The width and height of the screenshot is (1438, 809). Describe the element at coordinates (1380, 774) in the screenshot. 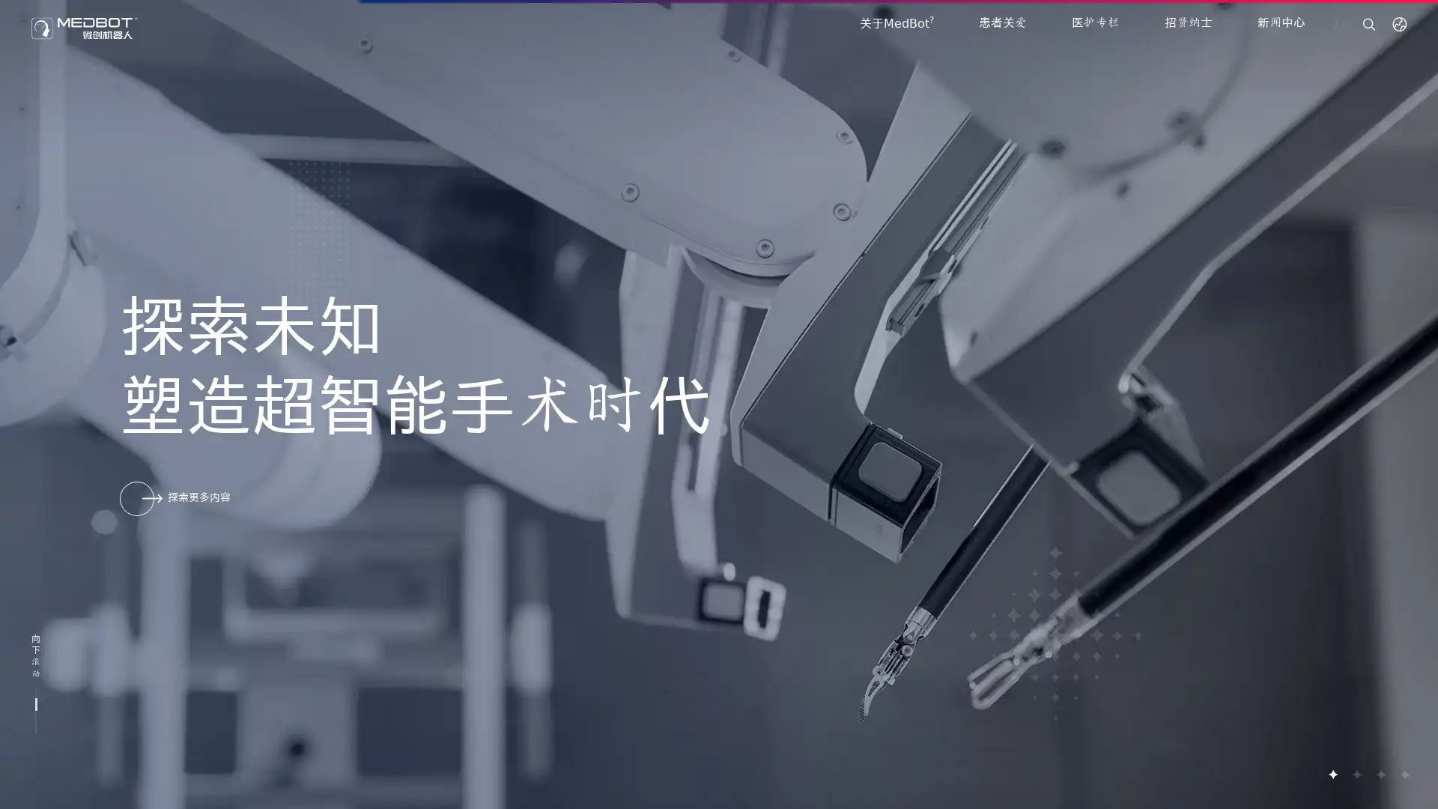

I see `Go to slide 3` at that location.